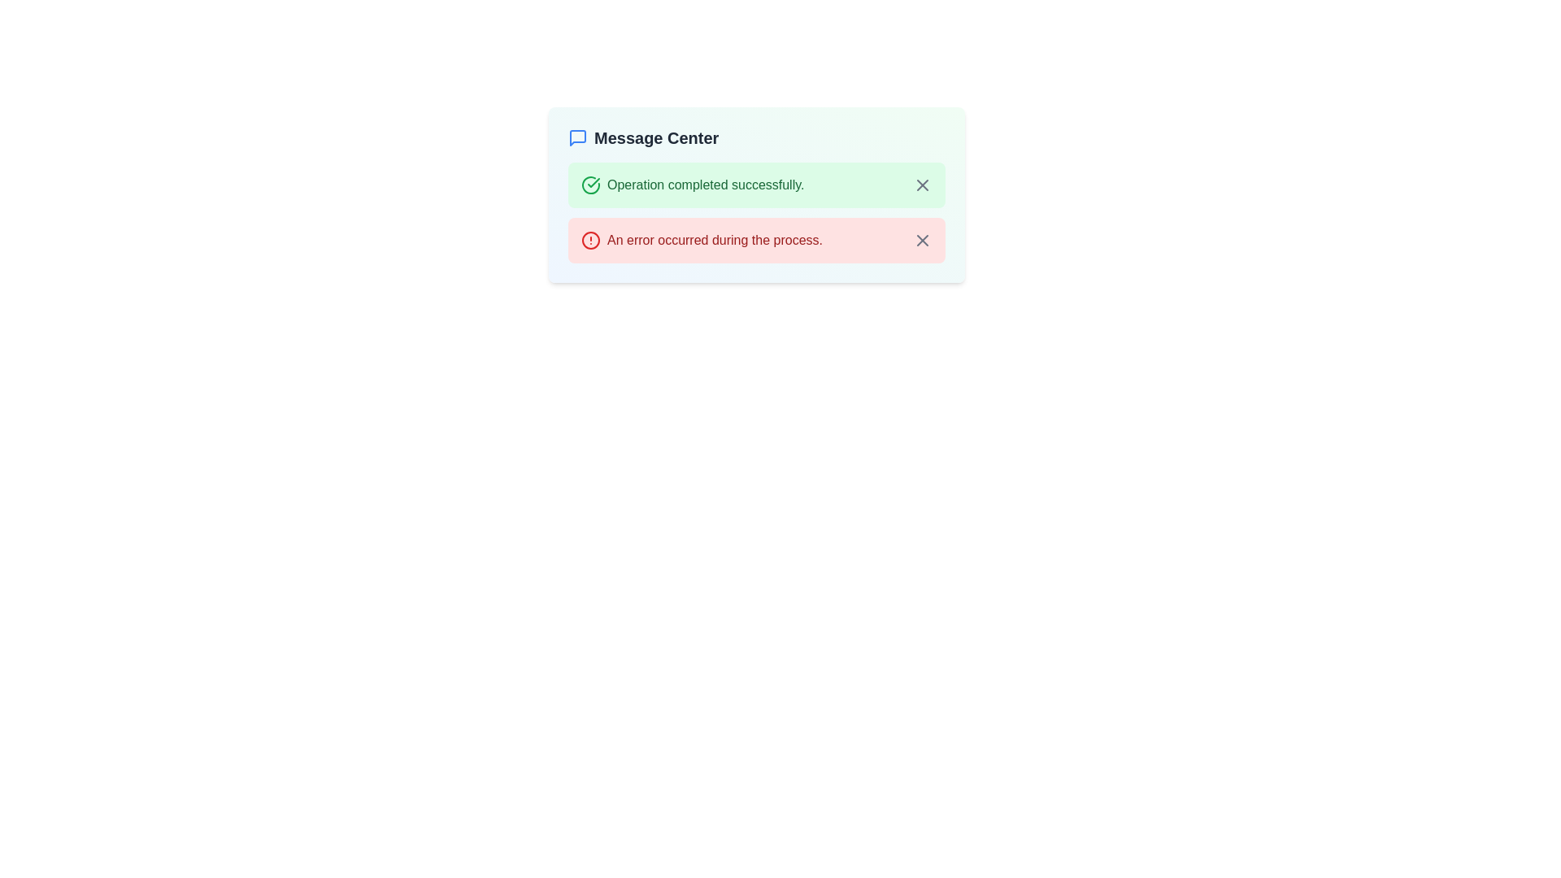  I want to click on the error icon located to the immediate left of the text 'An error occurred during the process.' in the second entry of the notification component under 'Message Center', so click(589, 241).